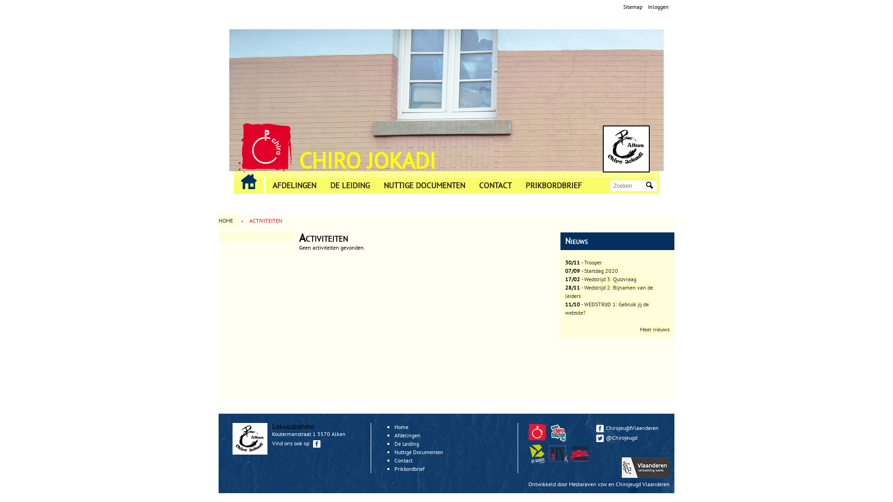 This screenshot has width=893, height=502. Describe the element at coordinates (558, 453) in the screenshot. I see `'Zindering'` at that location.